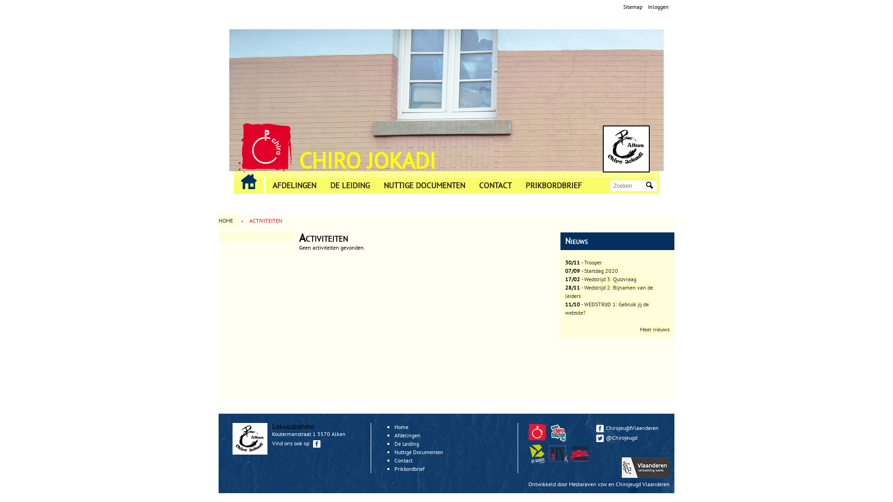 This screenshot has width=893, height=502. Describe the element at coordinates (558, 453) in the screenshot. I see `'Zindering'` at that location.